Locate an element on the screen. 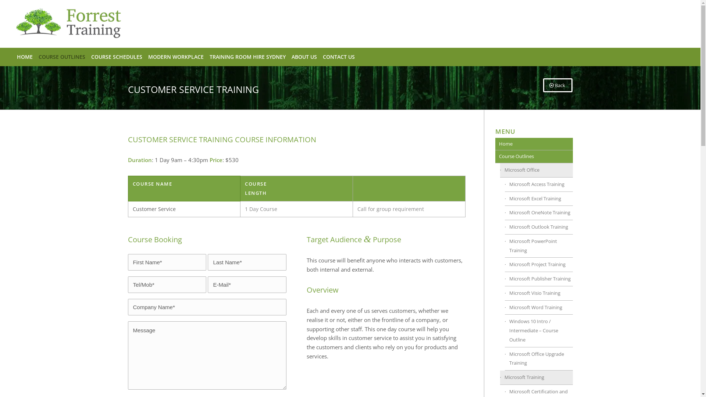  'Microsoft Office' is located at coordinates (536, 170).